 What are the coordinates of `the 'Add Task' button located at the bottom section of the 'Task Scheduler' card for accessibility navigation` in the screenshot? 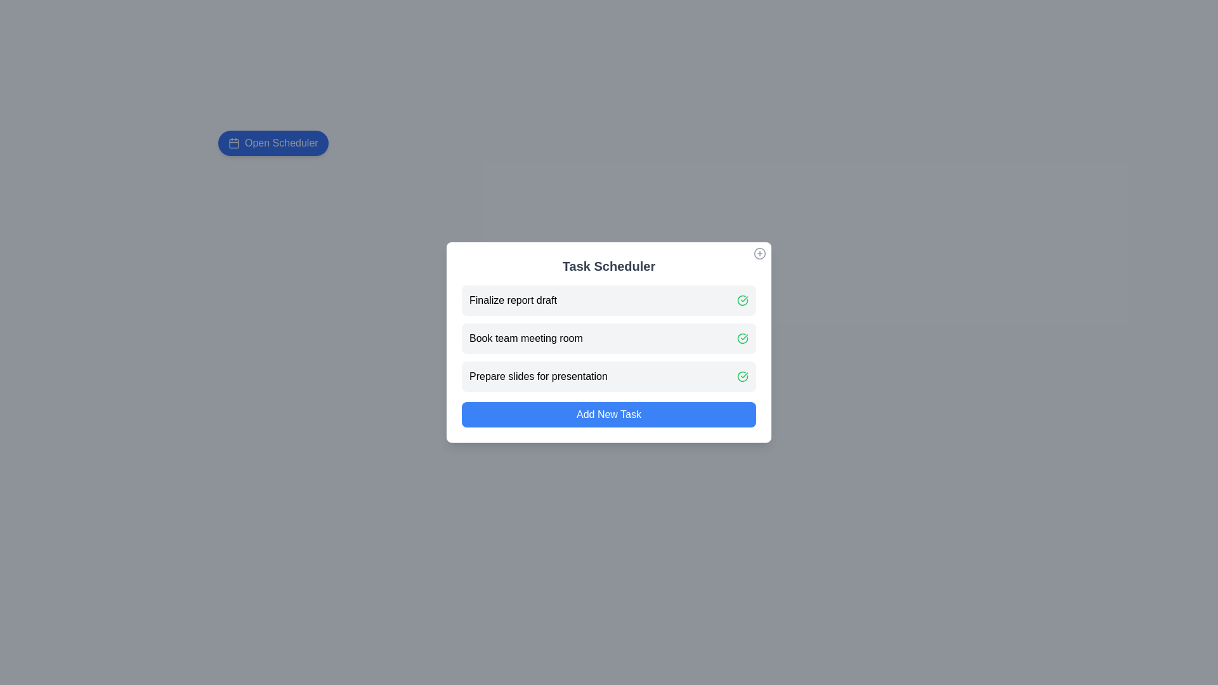 It's located at (609, 415).